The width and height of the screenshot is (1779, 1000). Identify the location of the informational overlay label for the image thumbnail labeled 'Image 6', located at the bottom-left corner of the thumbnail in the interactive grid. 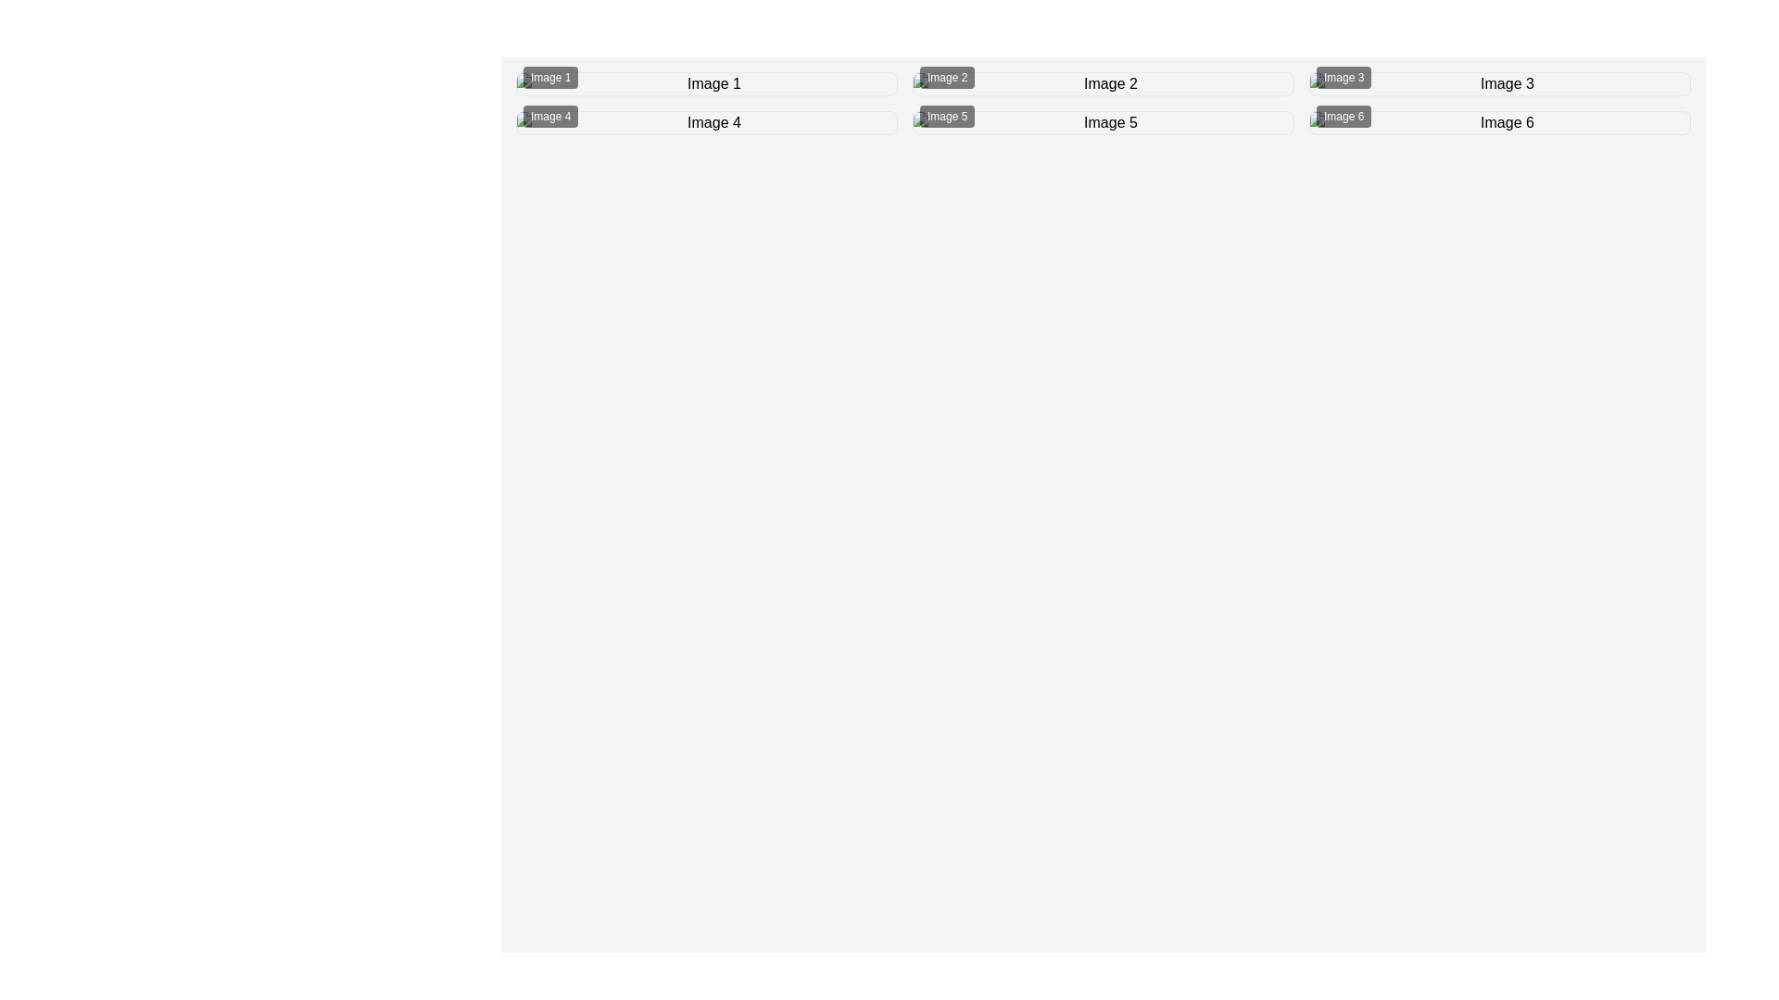
(1344, 117).